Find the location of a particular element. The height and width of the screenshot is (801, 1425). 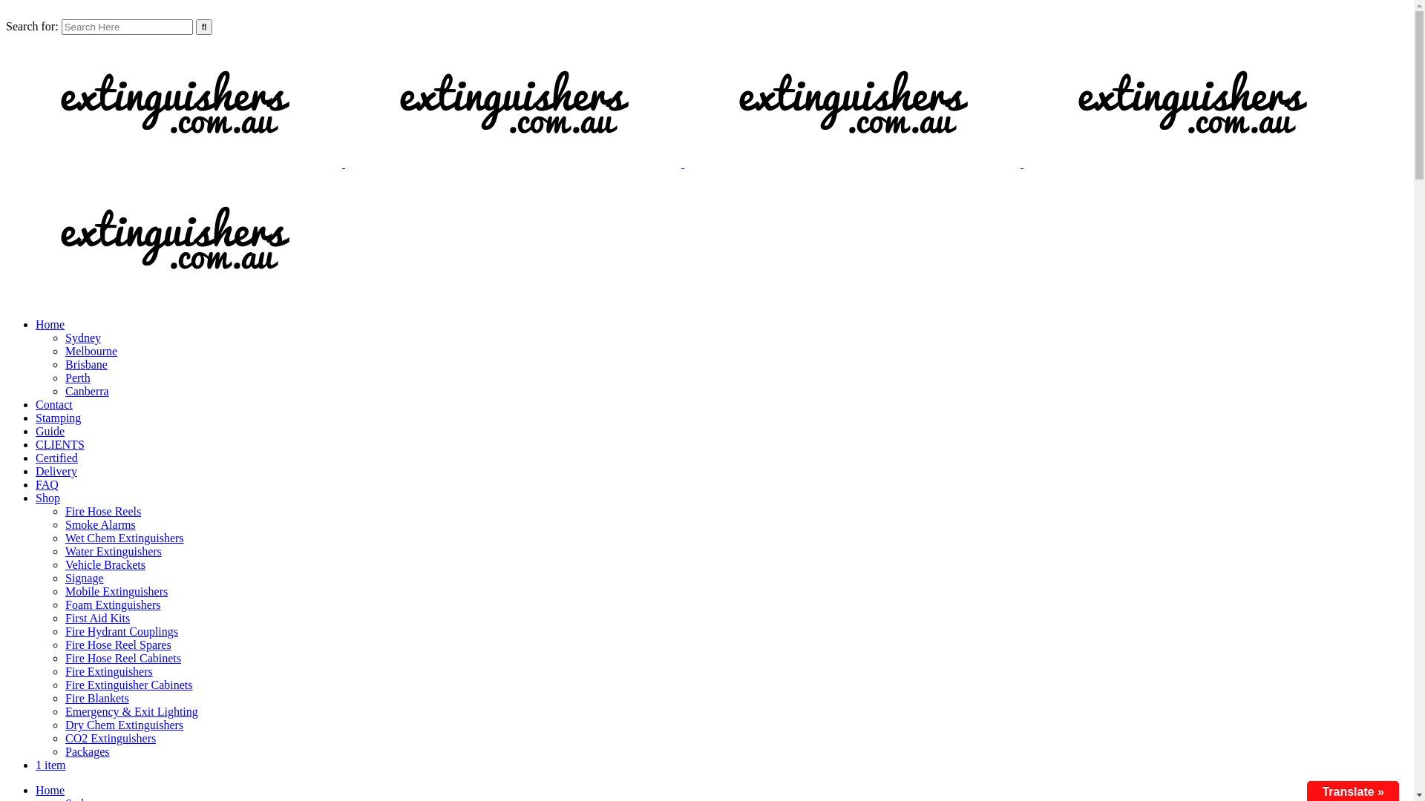

'Fire Extinguisher Cabinets' is located at coordinates (128, 685).